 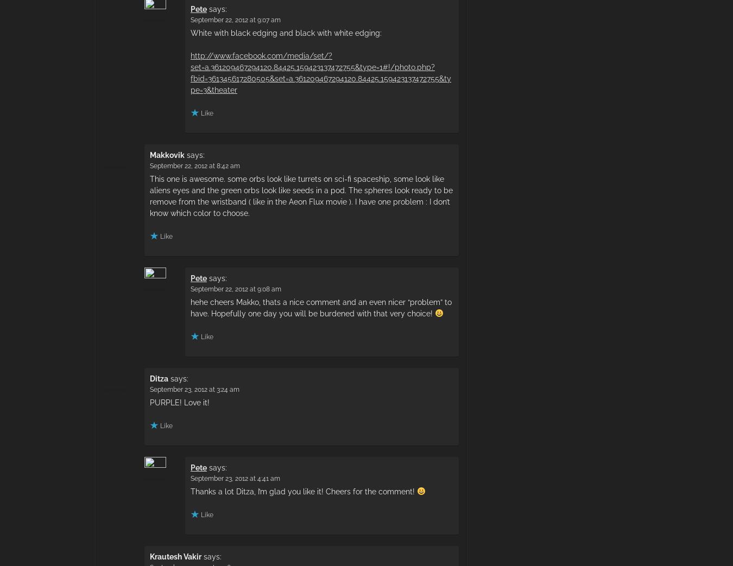 I want to click on 'Thanks a lot Ditza, I’m glad you like it! Cheers for the comment!', so click(x=303, y=491).